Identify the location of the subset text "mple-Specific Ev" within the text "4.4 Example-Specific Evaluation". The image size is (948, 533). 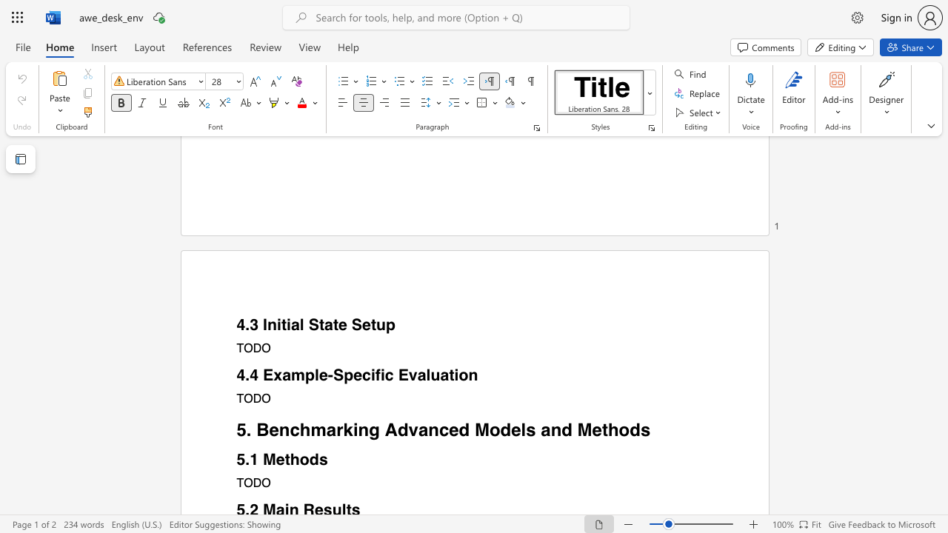
(290, 375).